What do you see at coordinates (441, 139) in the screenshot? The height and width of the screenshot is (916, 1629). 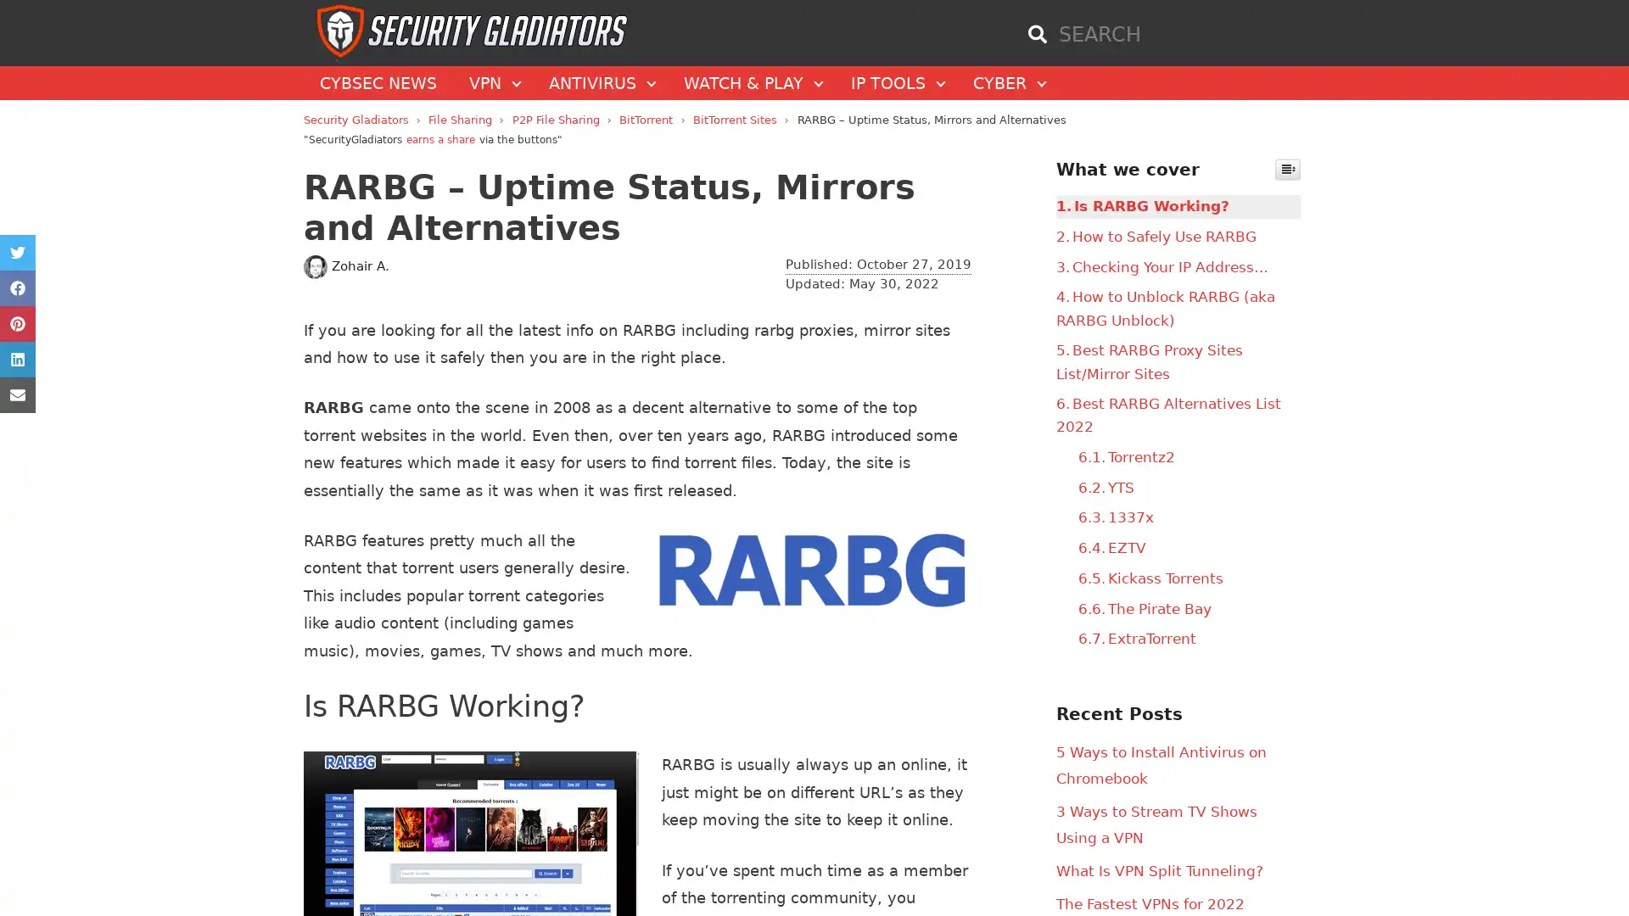 I see `earns a share` at bounding box center [441, 139].